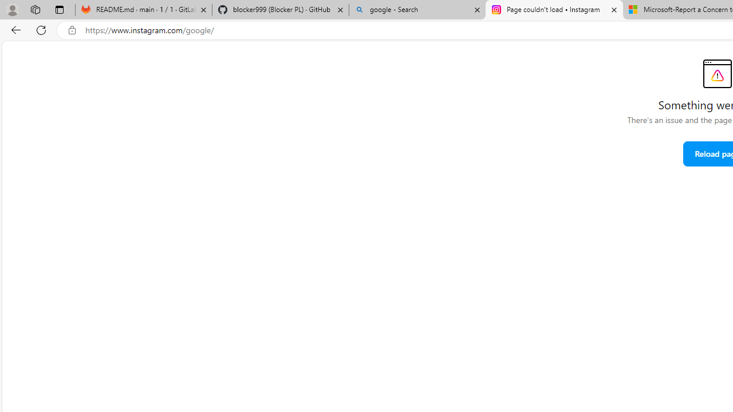  I want to click on 'Personal Profile', so click(12, 9).